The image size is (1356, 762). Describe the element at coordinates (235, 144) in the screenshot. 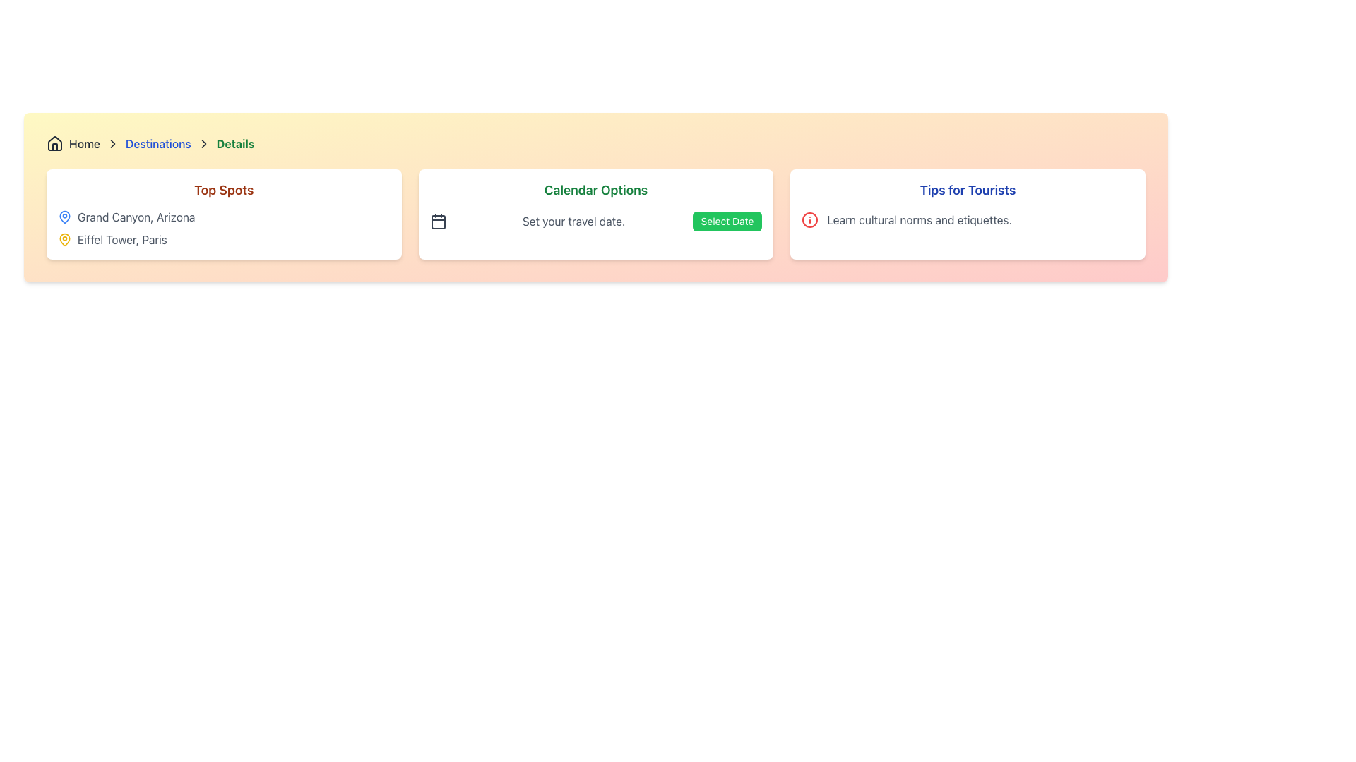

I see `the 'Details' text label in the breadcrumb navigation, which indicates the user's current location within the navigation hierarchy` at that location.